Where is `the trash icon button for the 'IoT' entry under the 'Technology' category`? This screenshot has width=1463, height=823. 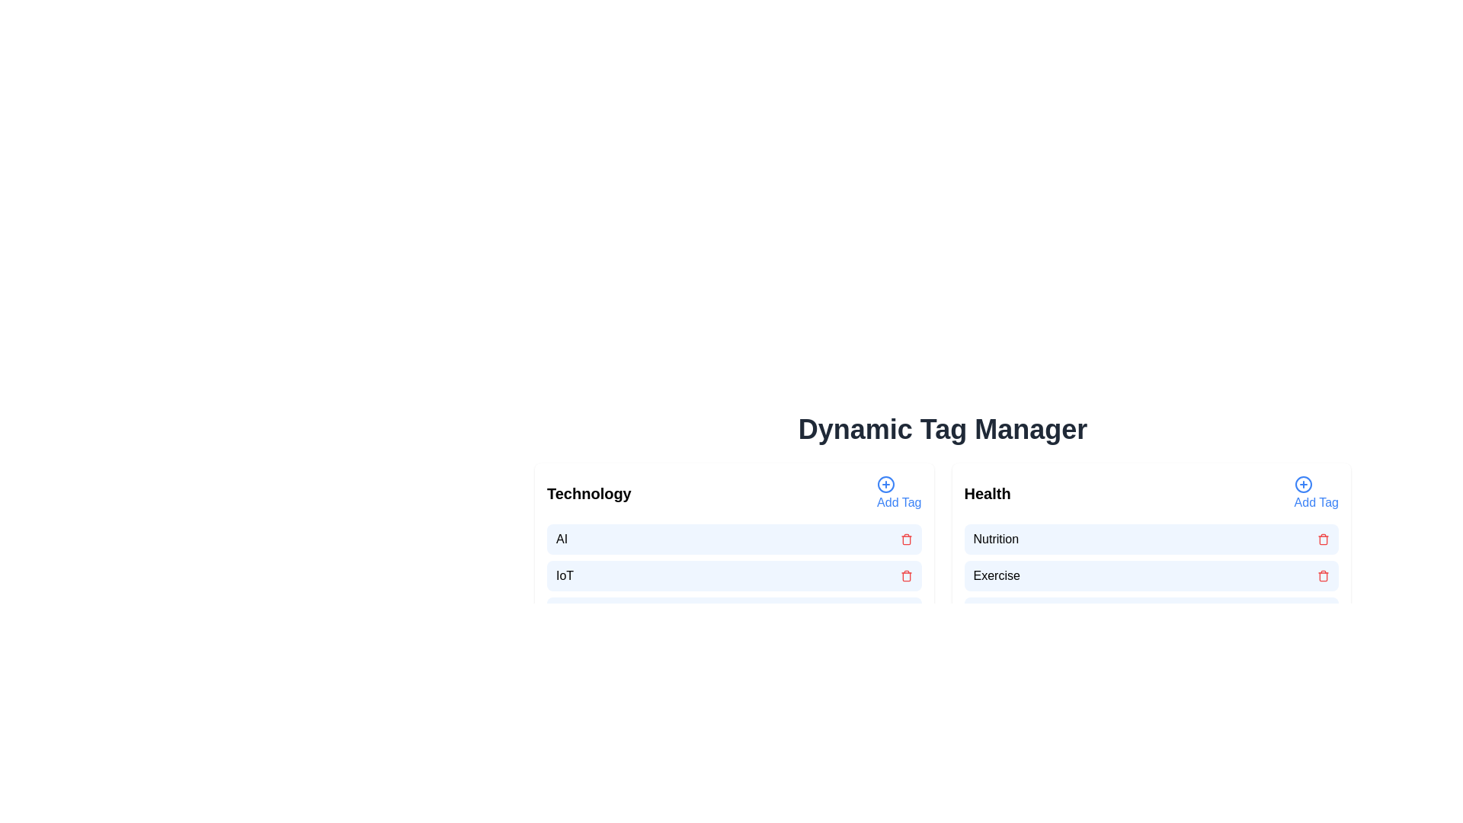
the trash icon button for the 'IoT' entry under the 'Technology' category is located at coordinates (906, 577).